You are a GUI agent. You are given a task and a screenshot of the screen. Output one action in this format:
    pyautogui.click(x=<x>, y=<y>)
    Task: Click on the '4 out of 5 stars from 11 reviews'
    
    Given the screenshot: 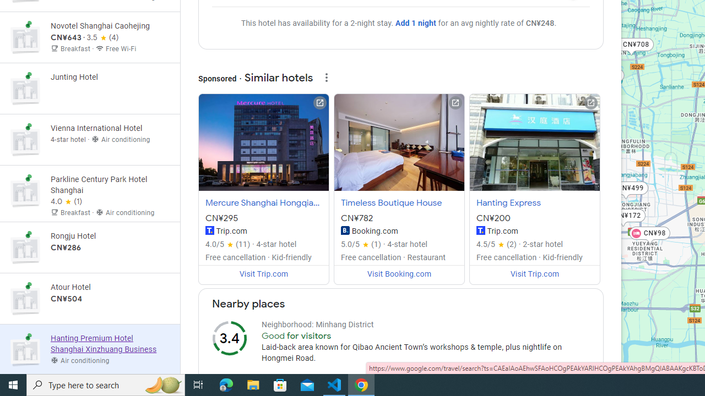 What is the action you would take?
    pyautogui.click(x=227, y=244)
    